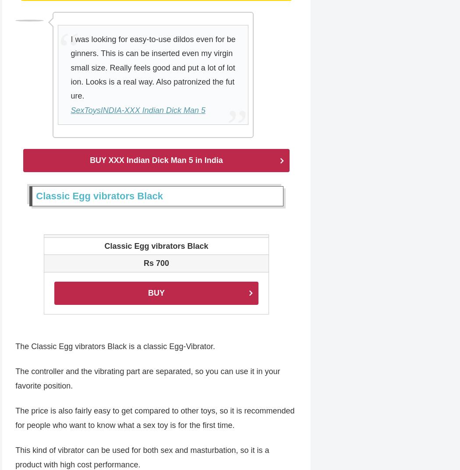 This screenshot has width=460, height=470. Describe the element at coordinates (156, 293) in the screenshot. I see `'BUY'` at that location.